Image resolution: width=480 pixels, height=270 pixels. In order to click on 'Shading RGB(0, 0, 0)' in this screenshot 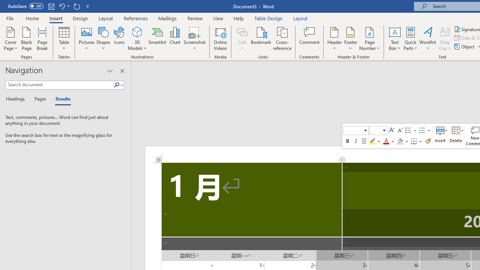, I will do `click(399, 141)`.